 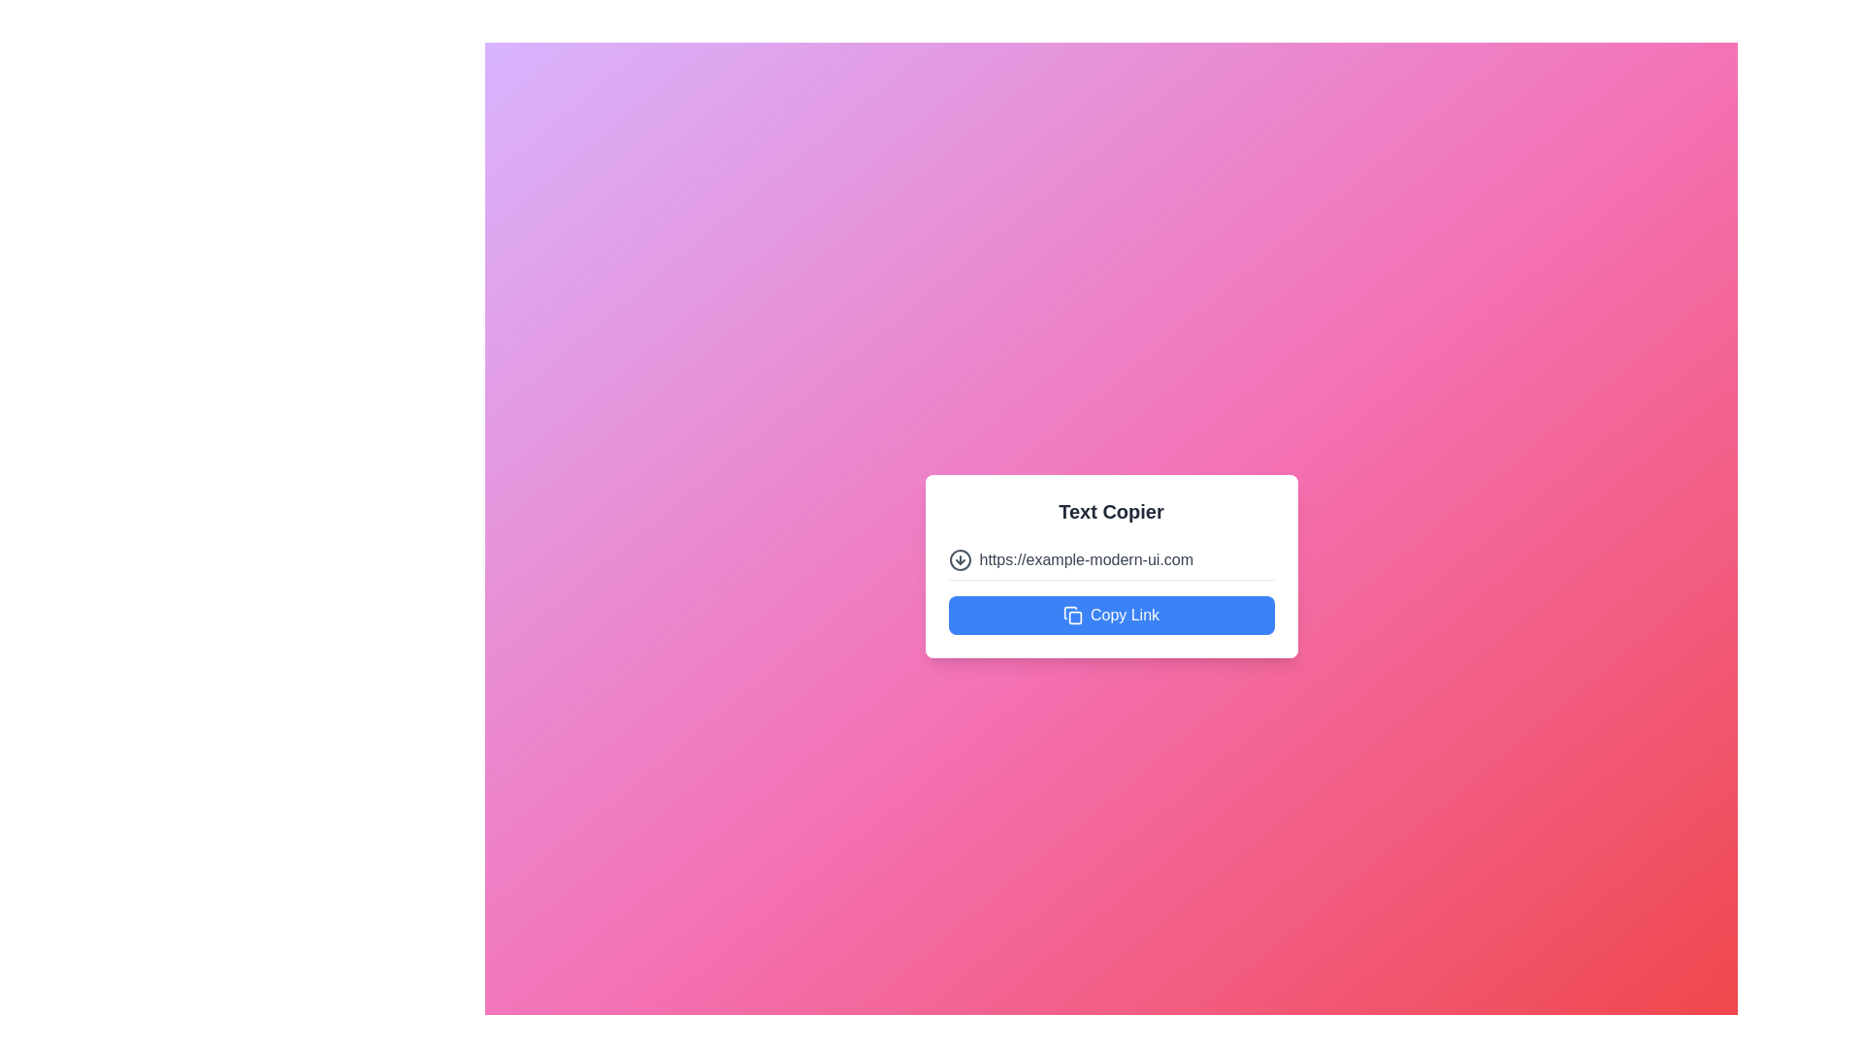 What do you see at coordinates (1127, 559) in the screenshot?
I see `the read-only text input field displaying the URL 'https://example-modern-ui.com'` at bounding box center [1127, 559].